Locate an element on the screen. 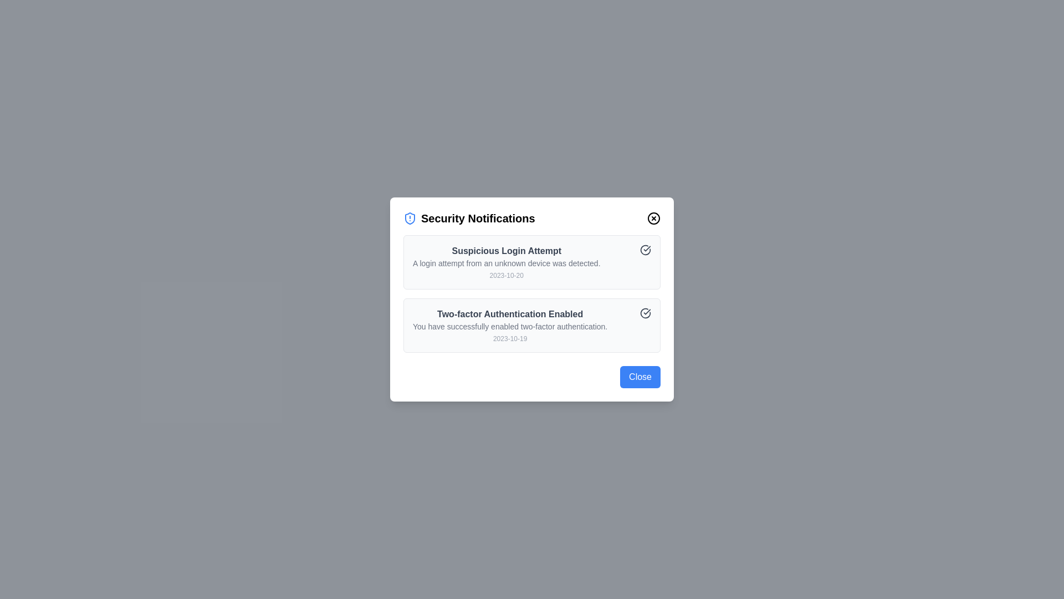 This screenshot has width=1064, height=599. the static text indicating the timestamp in the notification section titled 'Two-factor Authentication Enabled' is located at coordinates (509, 338).